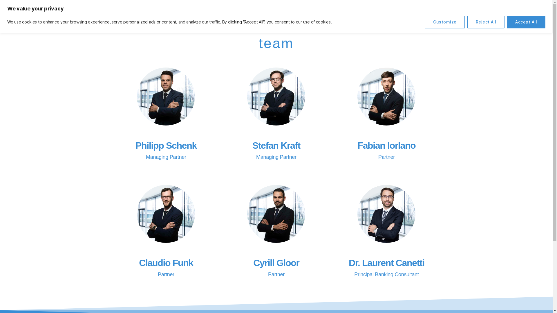  What do you see at coordinates (435, 14) in the screenshot?
I see `'projects'` at bounding box center [435, 14].